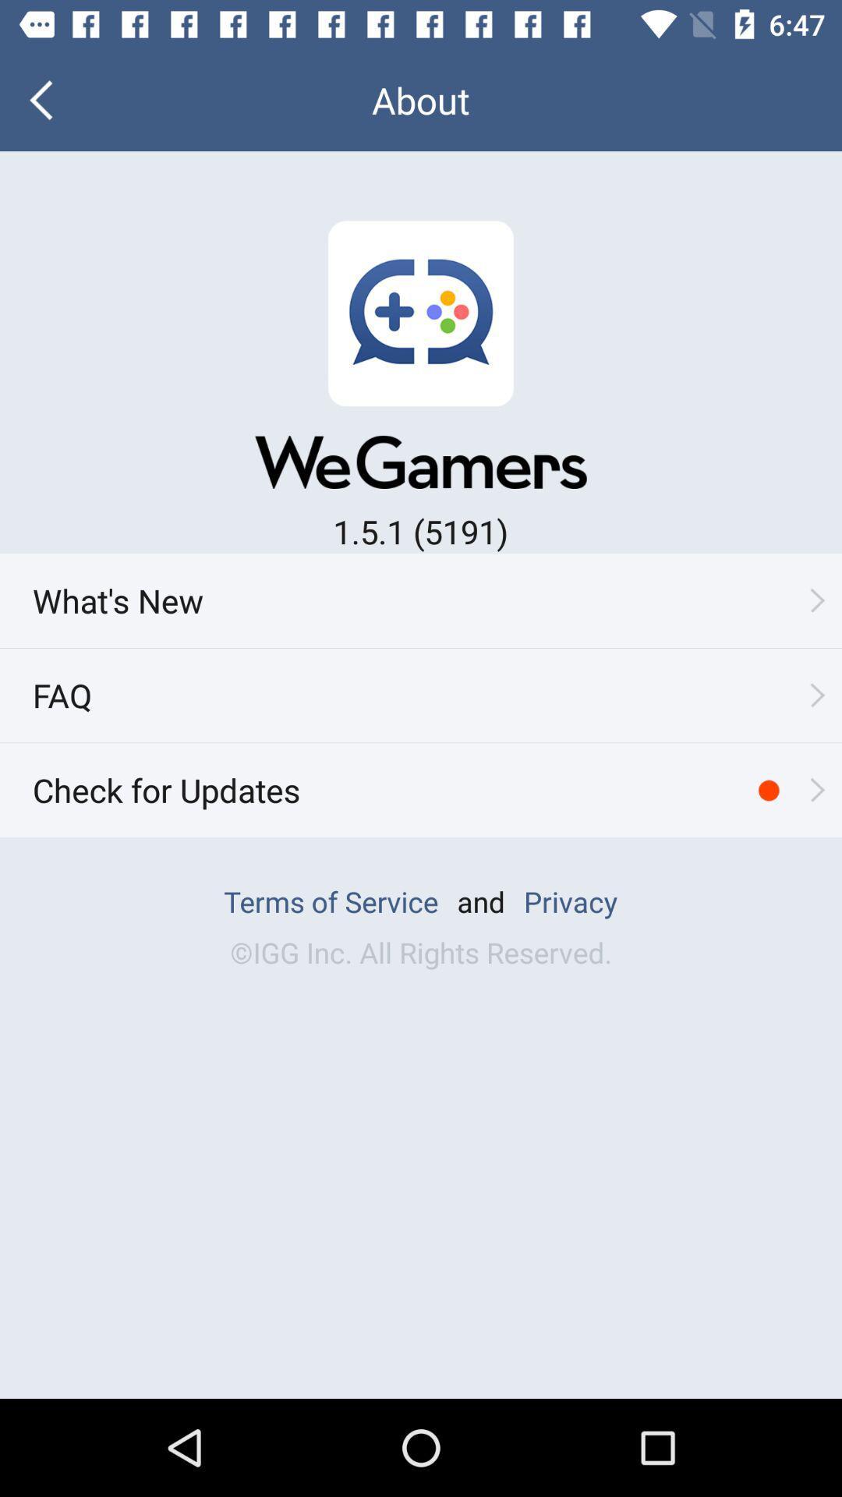 The width and height of the screenshot is (842, 1497). Describe the element at coordinates (571, 901) in the screenshot. I see `privacy which is at bottom of the page` at that location.